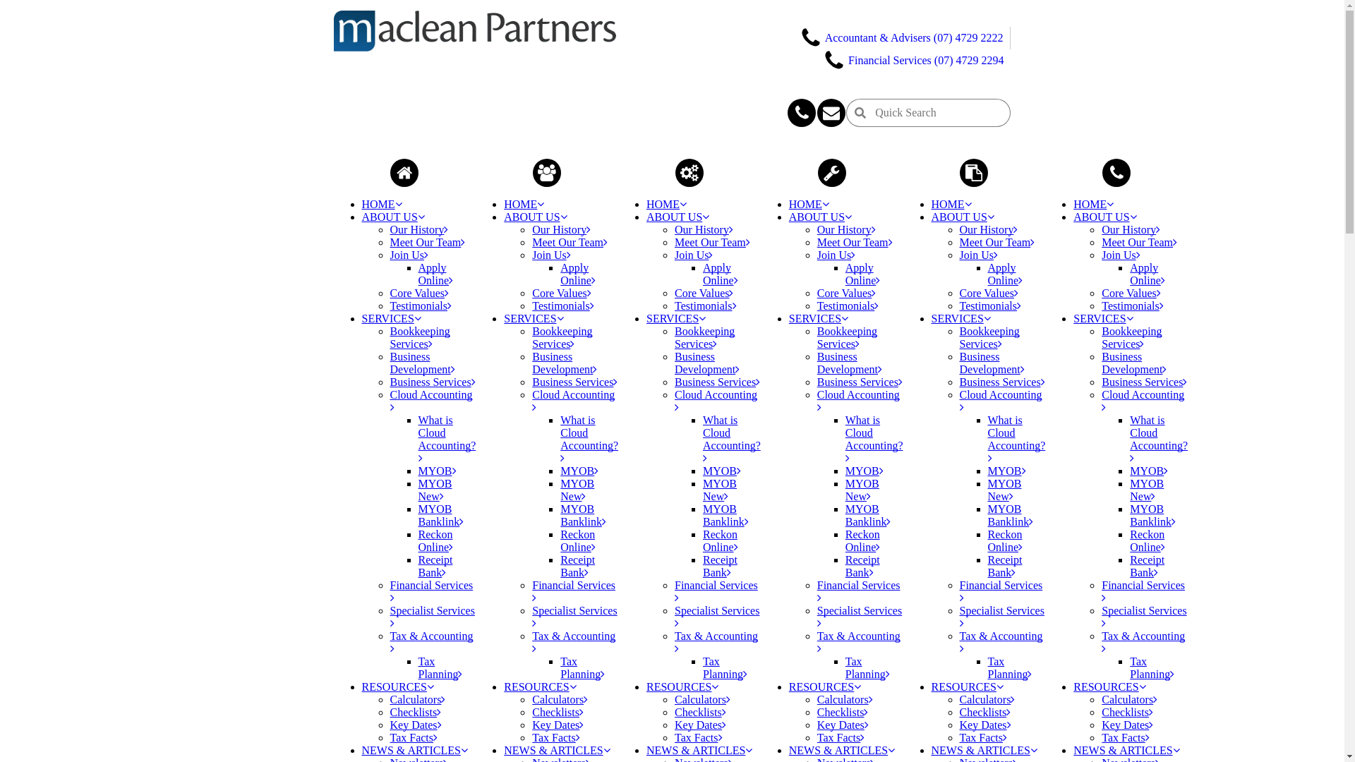  Describe the element at coordinates (1005, 540) in the screenshot. I see `'Reckon Online'` at that location.